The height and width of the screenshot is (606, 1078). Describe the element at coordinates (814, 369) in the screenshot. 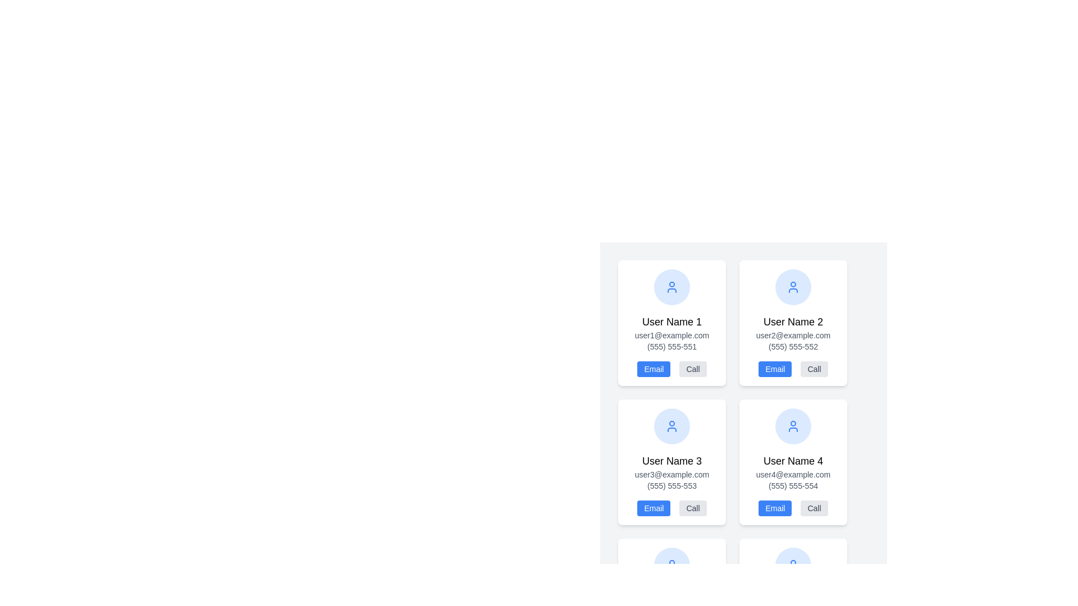

I see `the call button located to the right of the blue 'Email' button to trigger hover effects` at that location.